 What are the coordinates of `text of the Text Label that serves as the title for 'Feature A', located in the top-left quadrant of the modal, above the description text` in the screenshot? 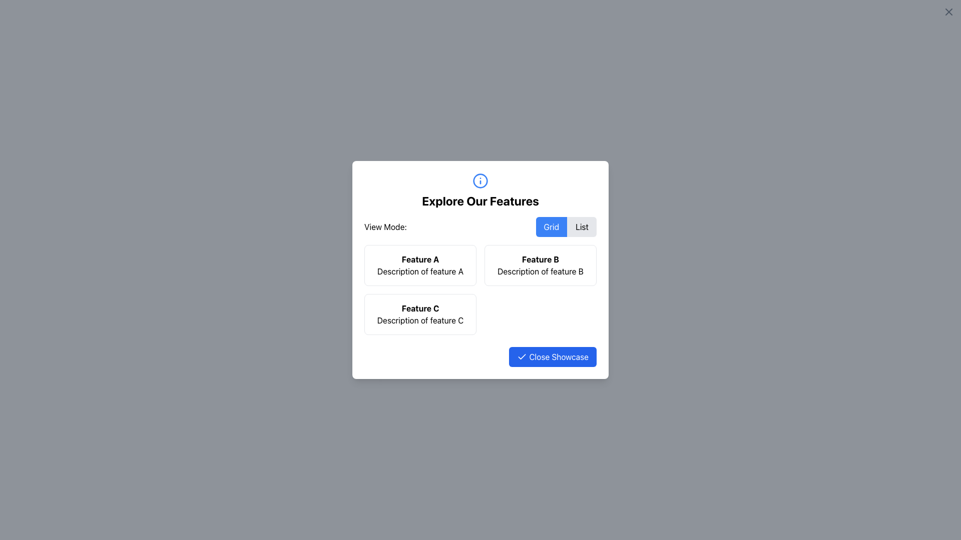 It's located at (420, 259).